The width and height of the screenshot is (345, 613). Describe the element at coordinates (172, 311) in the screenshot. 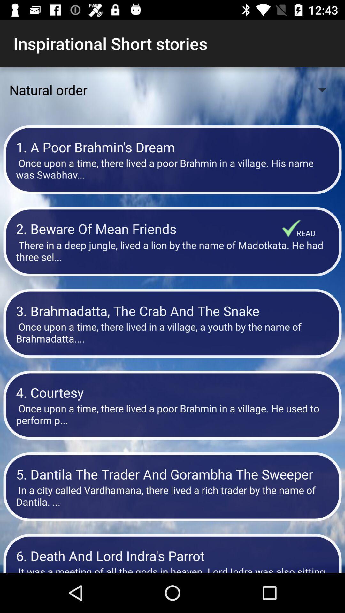

I see `item above once upon a item` at that location.